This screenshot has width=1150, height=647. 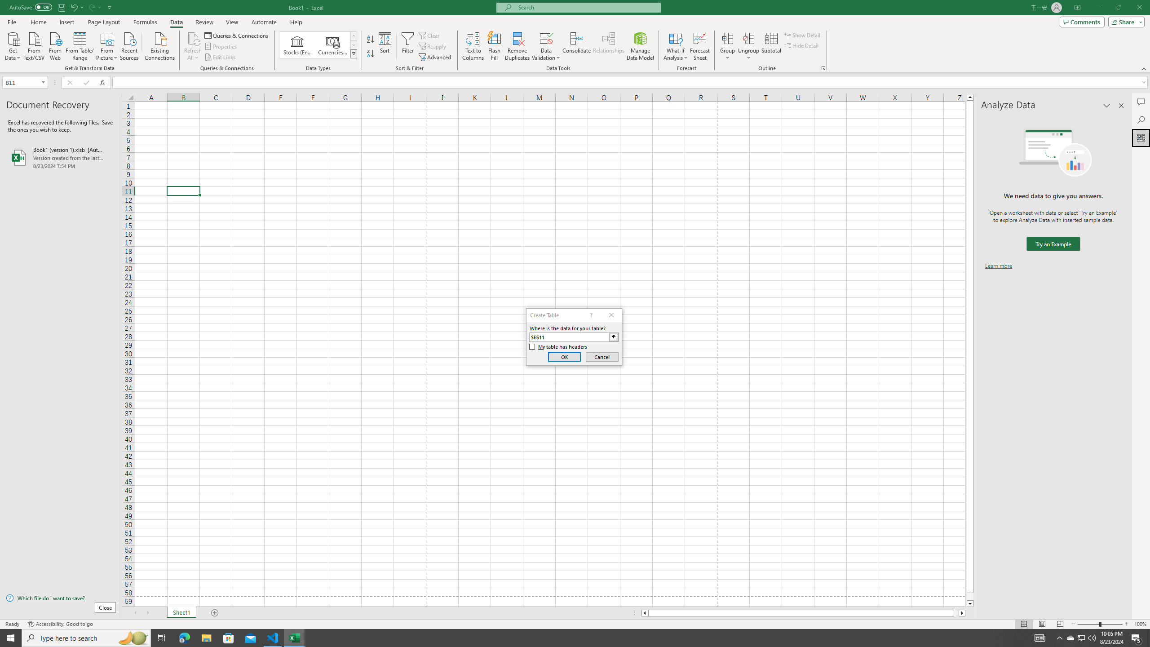 What do you see at coordinates (159, 45) in the screenshot?
I see `'Existing Connections'` at bounding box center [159, 45].